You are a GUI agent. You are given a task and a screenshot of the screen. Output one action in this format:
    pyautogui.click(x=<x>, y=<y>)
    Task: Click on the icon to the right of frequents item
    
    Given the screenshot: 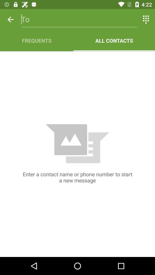 What is the action you would take?
    pyautogui.click(x=114, y=40)
    